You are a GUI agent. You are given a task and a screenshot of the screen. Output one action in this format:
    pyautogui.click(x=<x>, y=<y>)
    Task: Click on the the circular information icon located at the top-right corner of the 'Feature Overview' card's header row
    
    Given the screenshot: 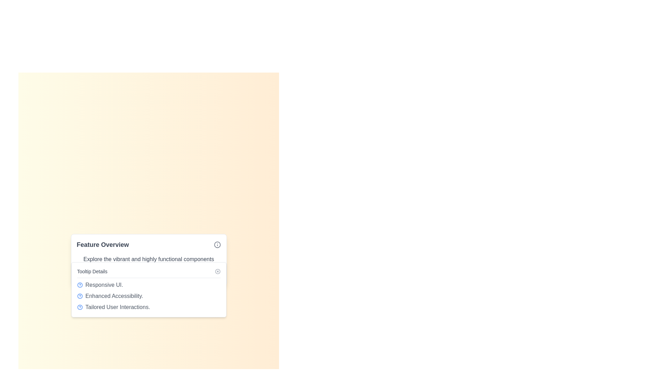 What is the action you would take?
    pyautogui.click(x=80, y=307)
    